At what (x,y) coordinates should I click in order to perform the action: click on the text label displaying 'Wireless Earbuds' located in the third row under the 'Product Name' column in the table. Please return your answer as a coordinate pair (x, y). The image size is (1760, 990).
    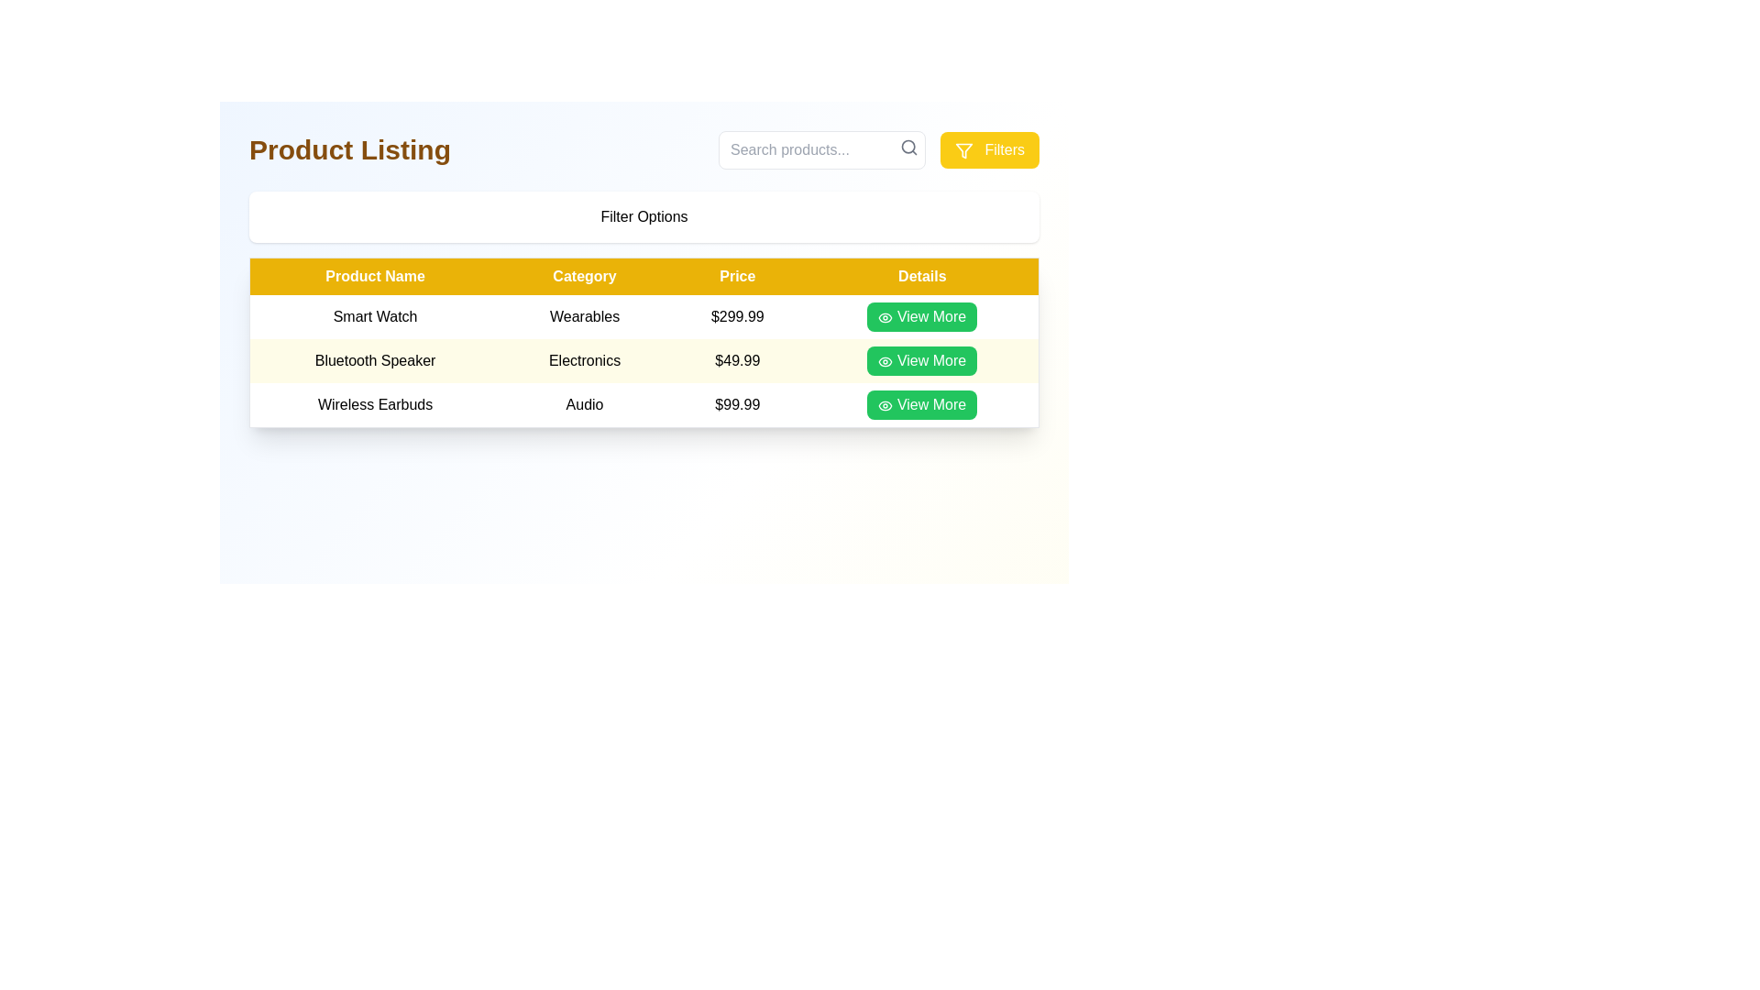
    Looking at the image, I should click on (374, 404).